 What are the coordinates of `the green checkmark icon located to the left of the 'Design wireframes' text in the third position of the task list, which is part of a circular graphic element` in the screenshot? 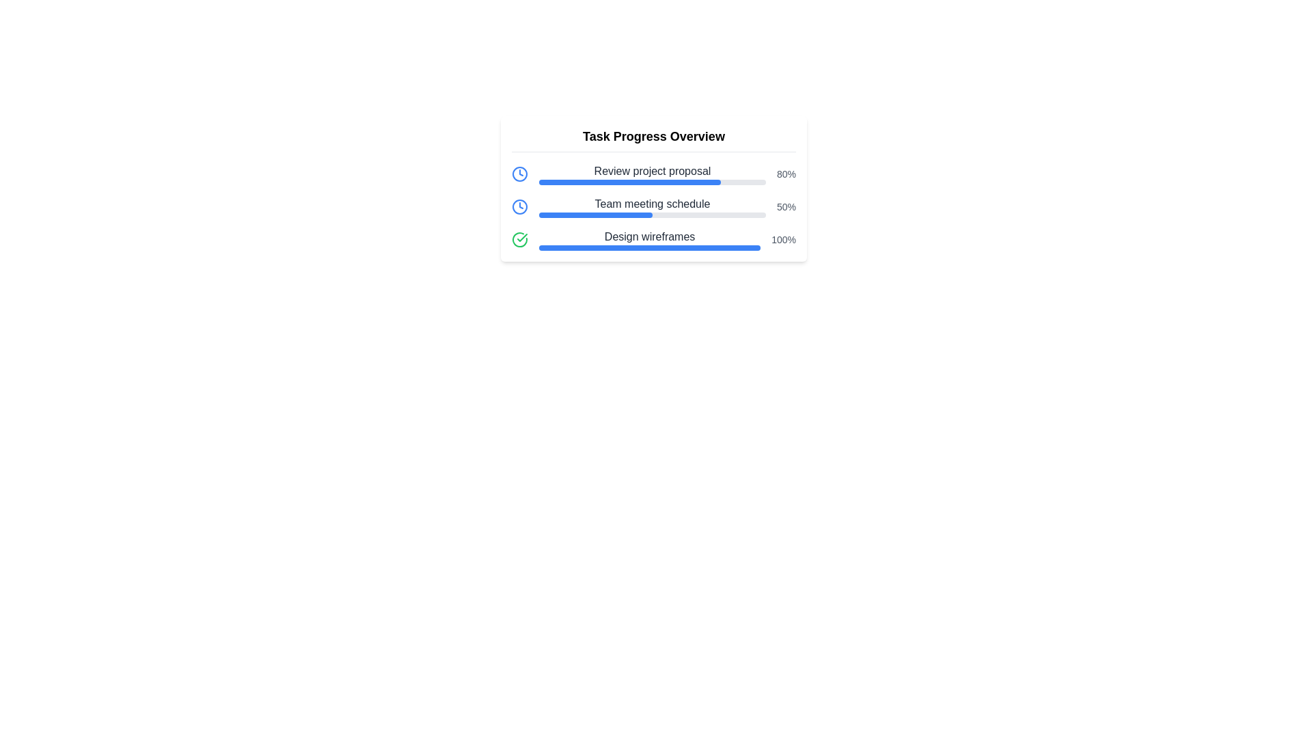 It's located at (521, 236).